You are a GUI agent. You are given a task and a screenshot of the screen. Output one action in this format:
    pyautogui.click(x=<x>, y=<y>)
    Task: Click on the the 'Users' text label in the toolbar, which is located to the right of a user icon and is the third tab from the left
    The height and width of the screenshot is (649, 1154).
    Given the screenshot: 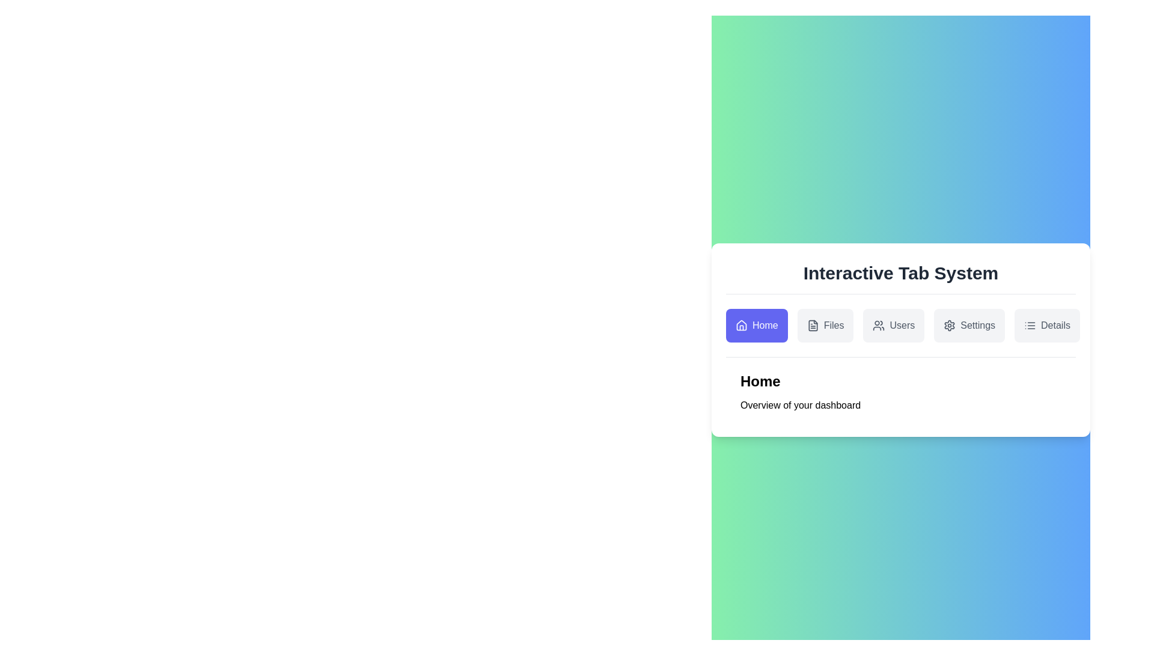 What is the action you would take?
    pyautogui.click(x=902, y=326)
    